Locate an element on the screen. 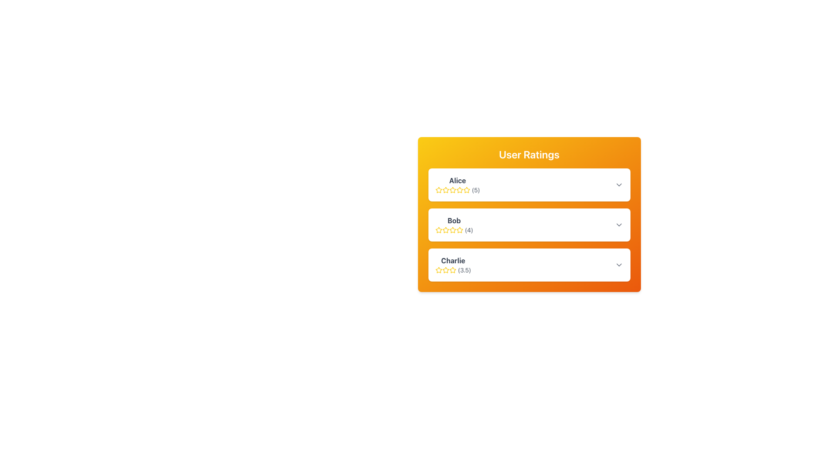 The width and height of the screenshot is (836, 470). the bold dark gray text label reading 'Bob' located in the user rating section is located at coordinates (454, 220).